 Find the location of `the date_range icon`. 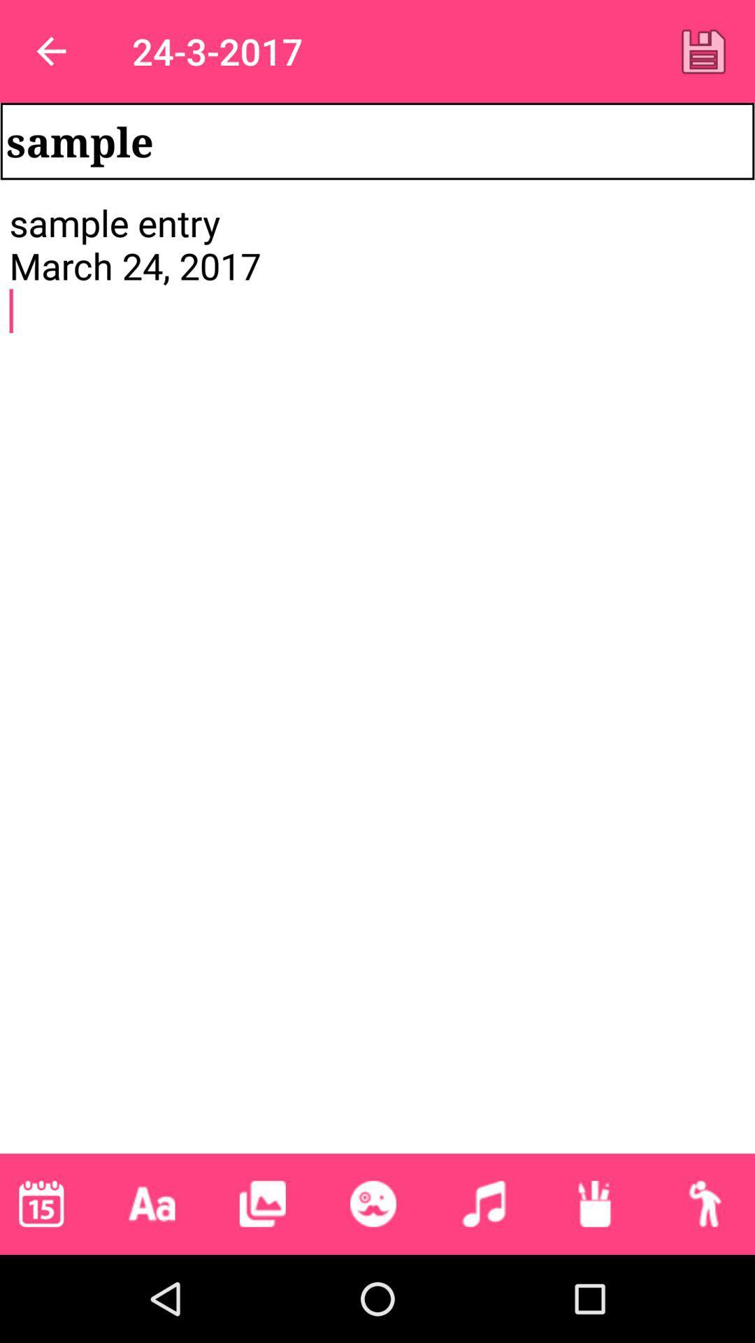

the date_range icon is located at coordinates (41, 1203).